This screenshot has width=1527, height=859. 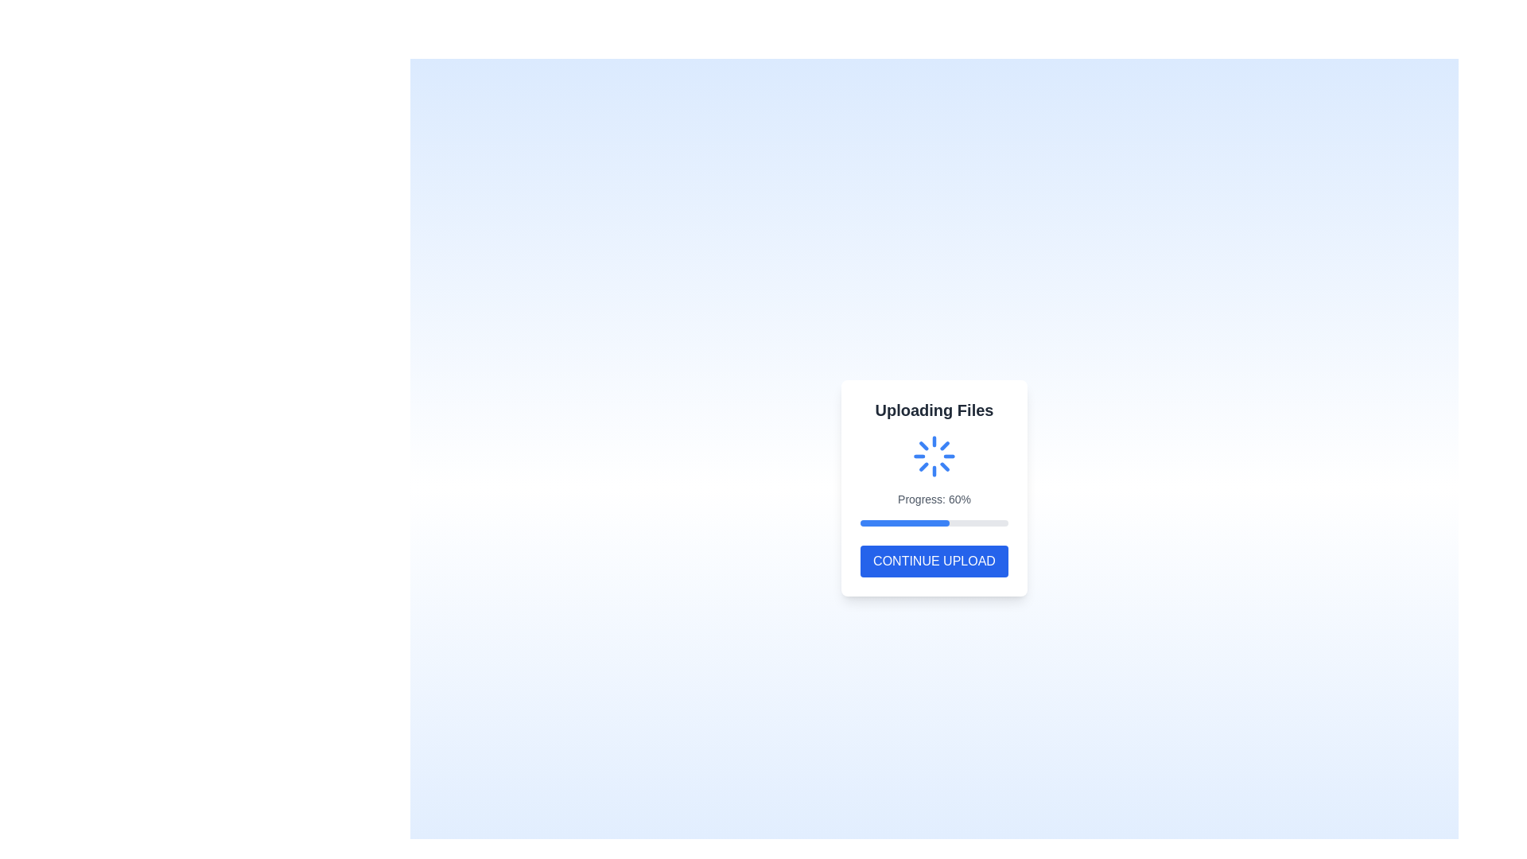 What do you see at coordinates (934, 457) in the screenshot?
I see `the animated loader spinner positioned below the 'Uploading Files' title and above the 'Progress: 60%' text to recognize the upload status` at bounding box center [934, 457].